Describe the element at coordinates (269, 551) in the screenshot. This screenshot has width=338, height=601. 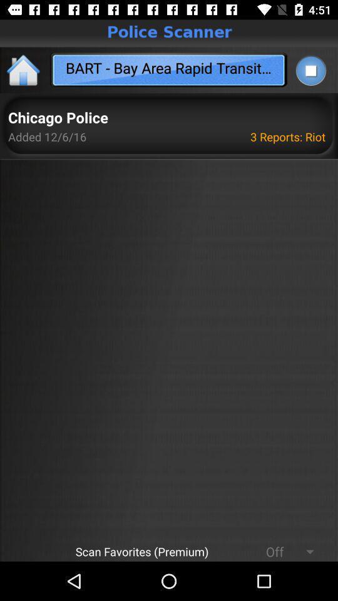
I see `the item next to scan favorites (premium)` at that location.